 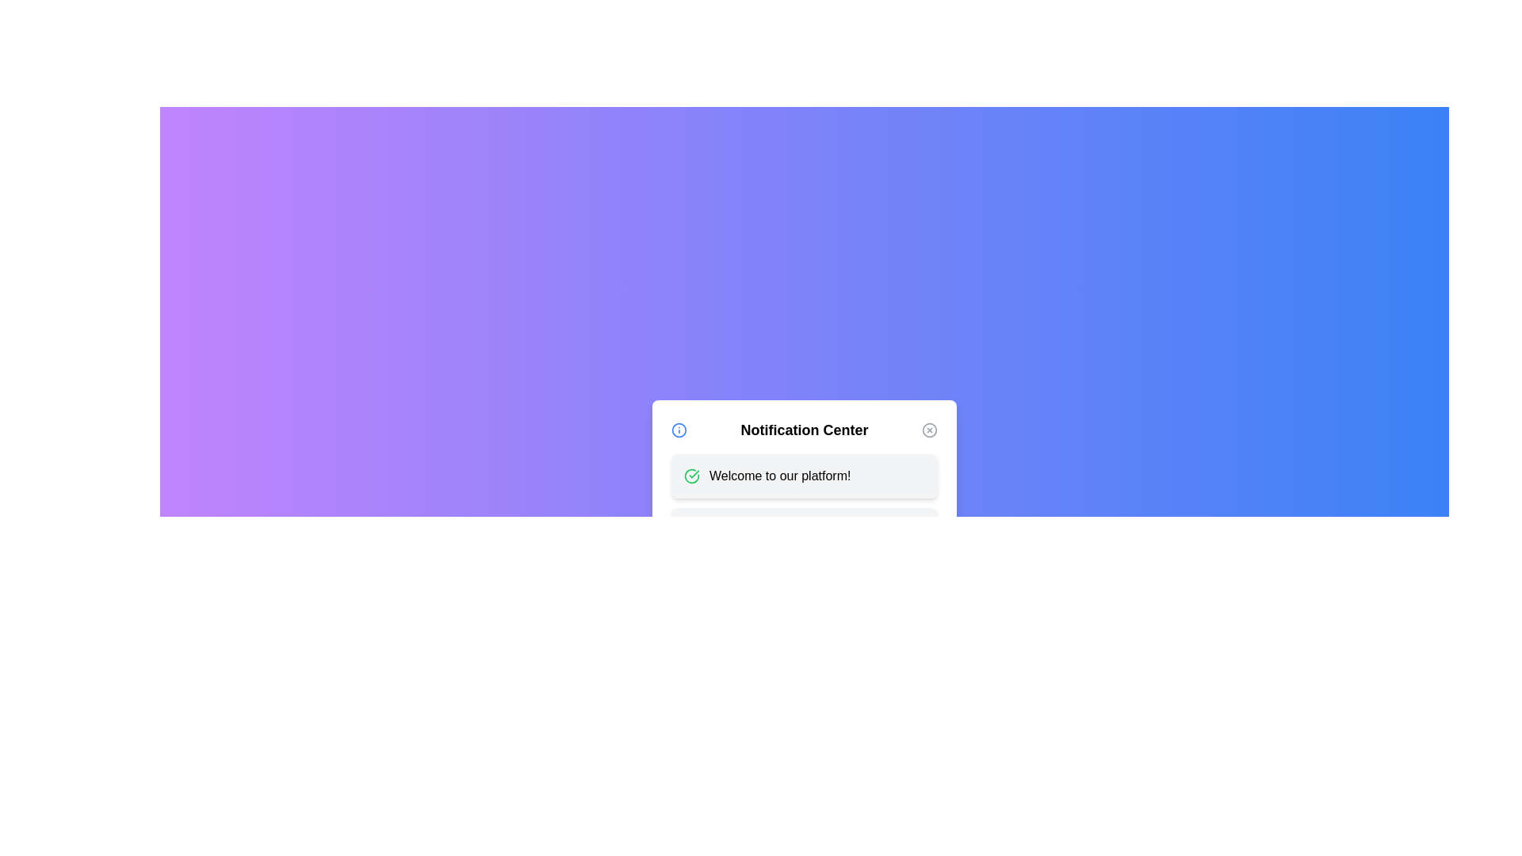 What do you see at coordinates (804, 476) in the screenshot?
I see `the first notification box in the notification center that introduces the platform` at bounding box center [804, 476].